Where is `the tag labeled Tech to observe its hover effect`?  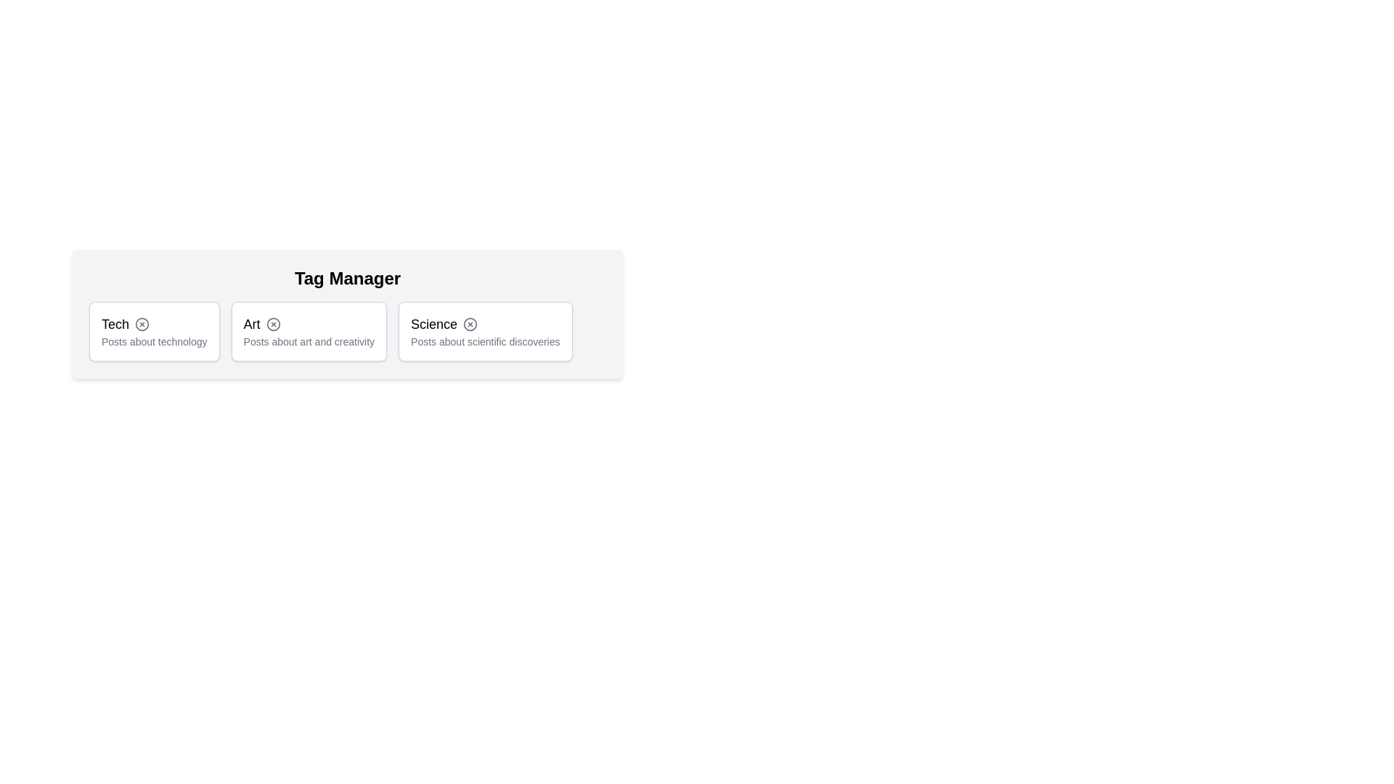 the tag labeled Tech to observe its hover effect is located at coordinates (154, 331).